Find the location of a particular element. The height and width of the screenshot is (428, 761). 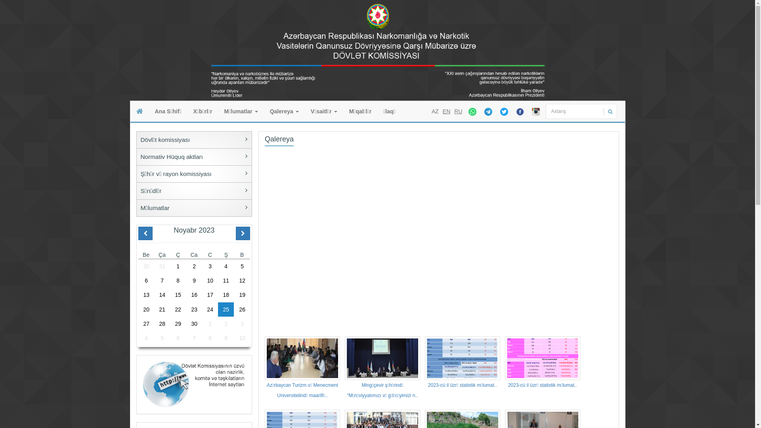

'13' is located at coordinates (146, 295).